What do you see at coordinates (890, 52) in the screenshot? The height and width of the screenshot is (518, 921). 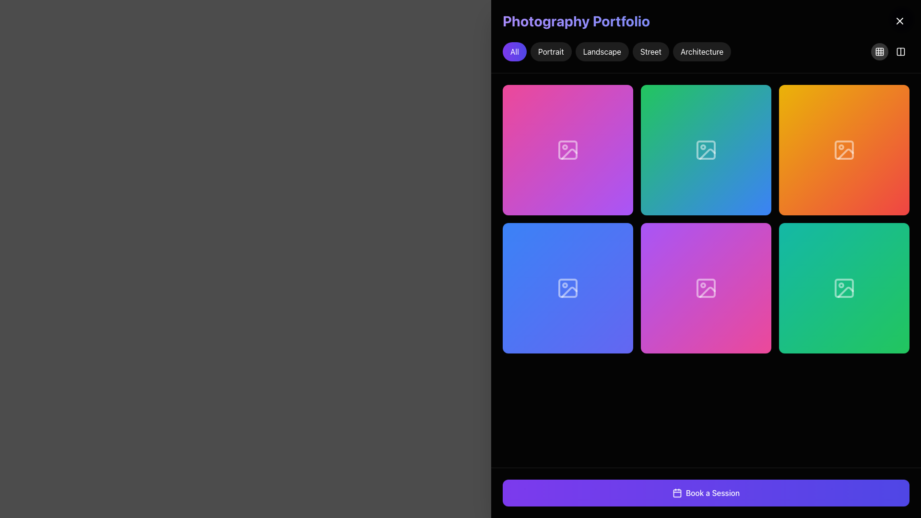 I see `the two-panel icon in the top-right corner of the interface to switch to split view` at bounding box center [890, 52].